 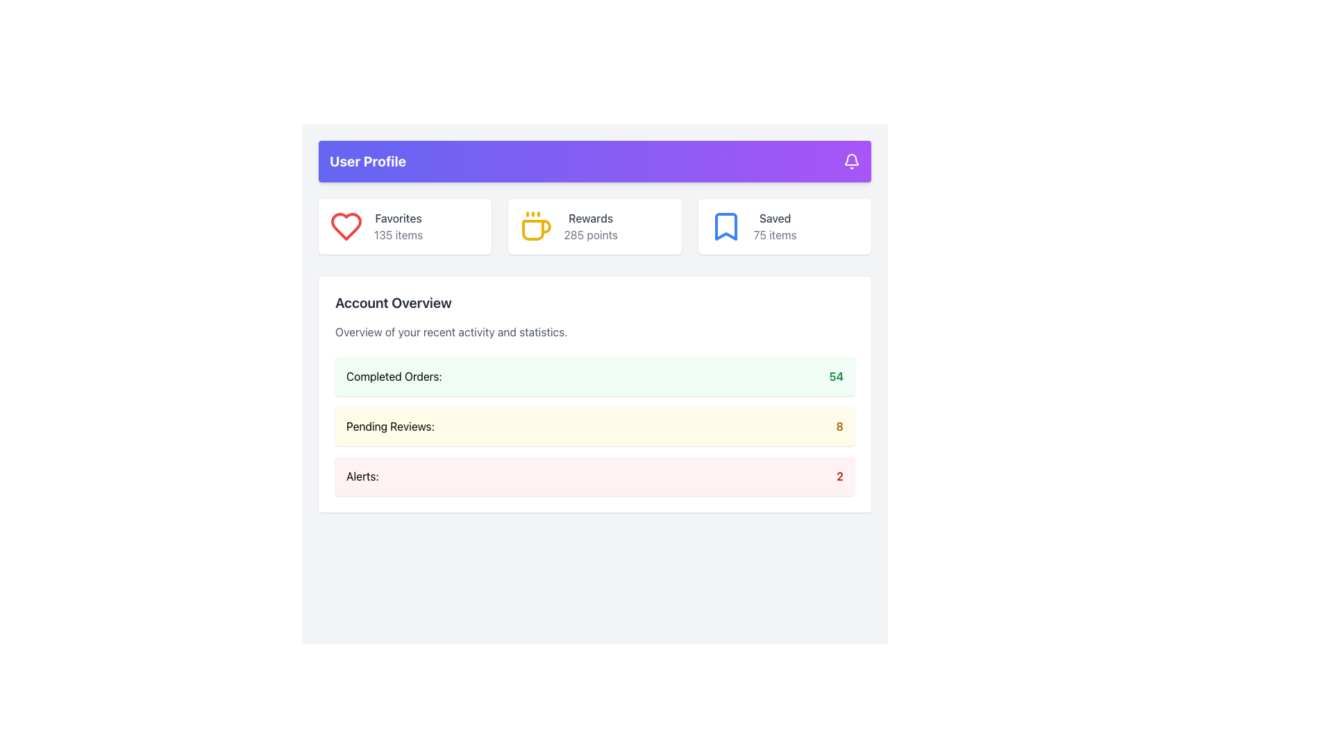 I want to click on the text label displaying 'Rewards', which is part of a larger component that includes '285 points', located under the purple header bar in the upper section of the interface, so click(x=591, y=218).